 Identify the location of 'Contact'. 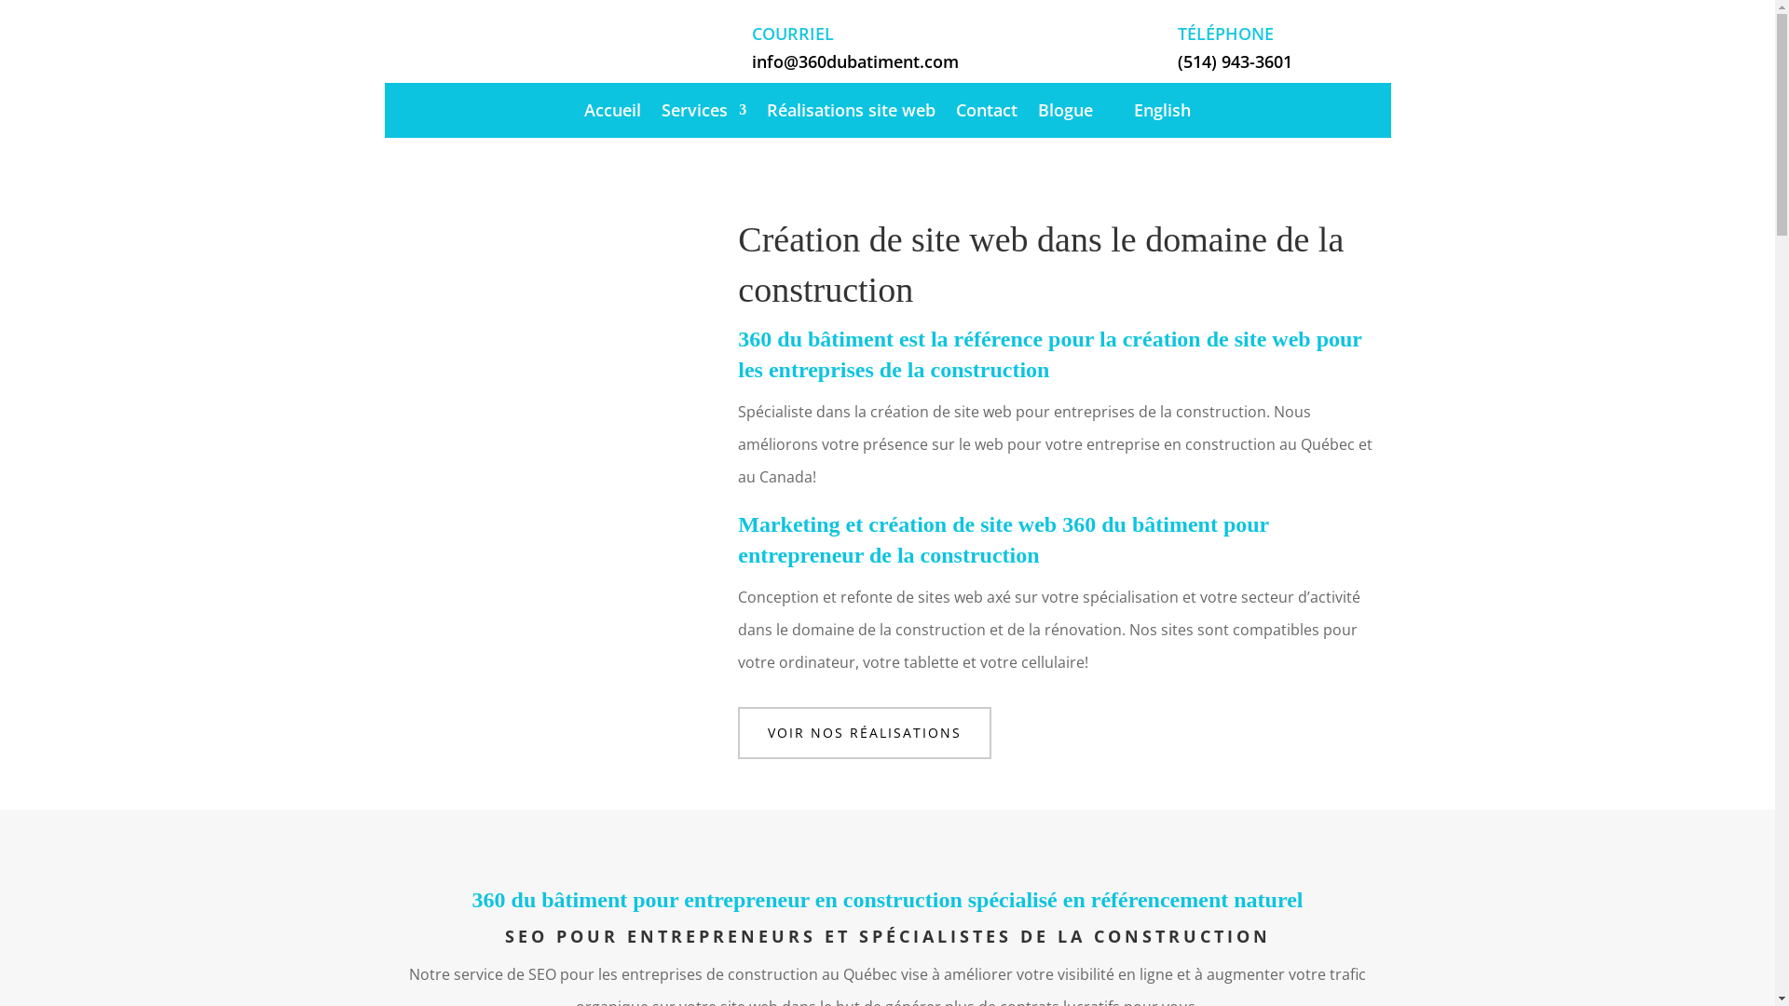
(986, 114).